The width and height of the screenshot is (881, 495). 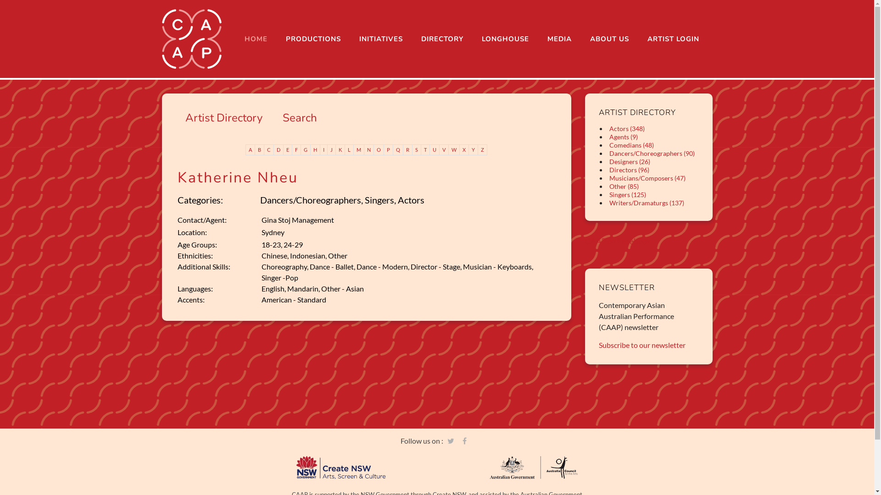 What do you see at coordinates (296, 467) in the screenshot?
I see `'Arts NSW'` at bounding box center [296, 467].